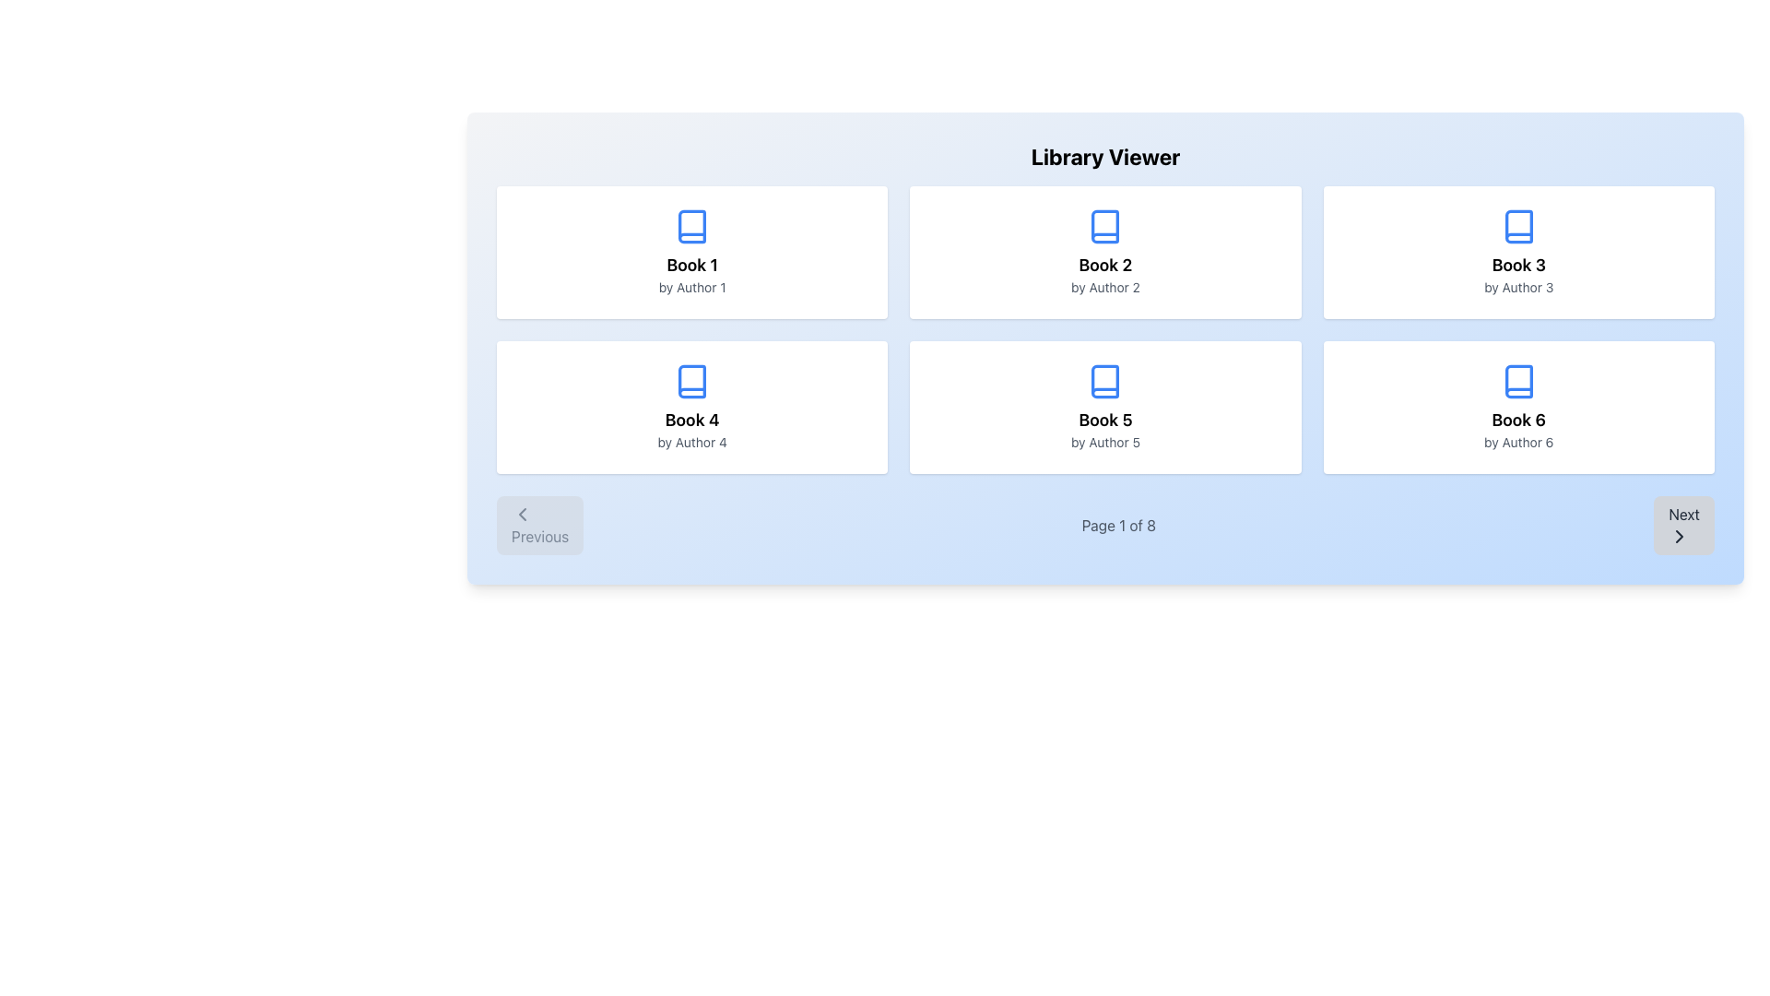 The width and height of the screenshot is (1770, 996). What do you see at coordinates (691, 420) in the screenshot?
I see `the static text element displaying 'Book 4', which is prominently shown in a larger bold font within the book's card in the second row and first column of the book grid` at bounding box center [691, 420].